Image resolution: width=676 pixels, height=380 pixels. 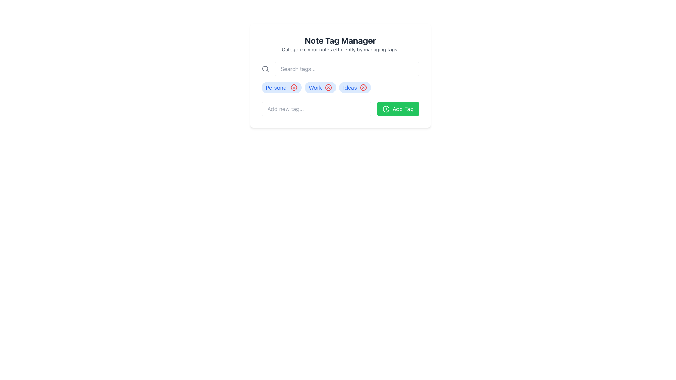 I want to click on the 'Personal' tag element with a removable option, so click(x=281, y=87).